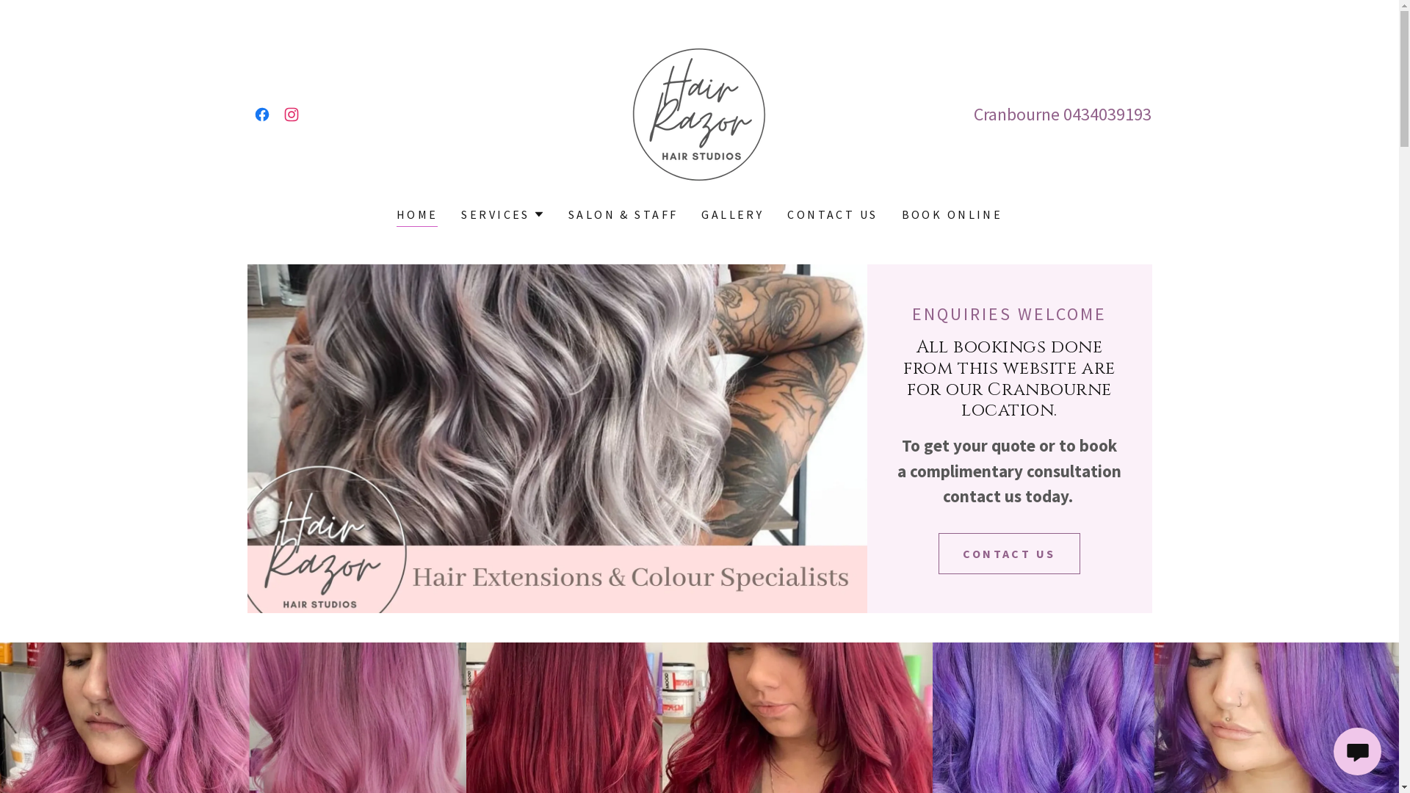  I want to click on '0434039193', so click(1107, 113).